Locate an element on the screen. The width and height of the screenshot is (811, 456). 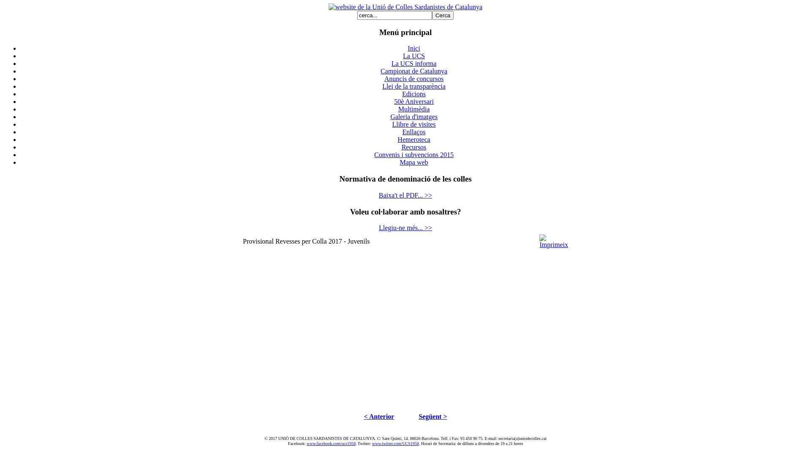
'Baixa't el PDF... >>' is located at coordinates (405, 195).